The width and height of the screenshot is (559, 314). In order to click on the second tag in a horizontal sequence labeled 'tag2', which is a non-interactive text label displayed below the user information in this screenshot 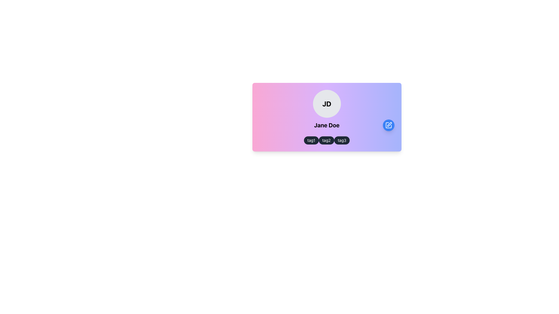, I will do `click(326, 140)`.